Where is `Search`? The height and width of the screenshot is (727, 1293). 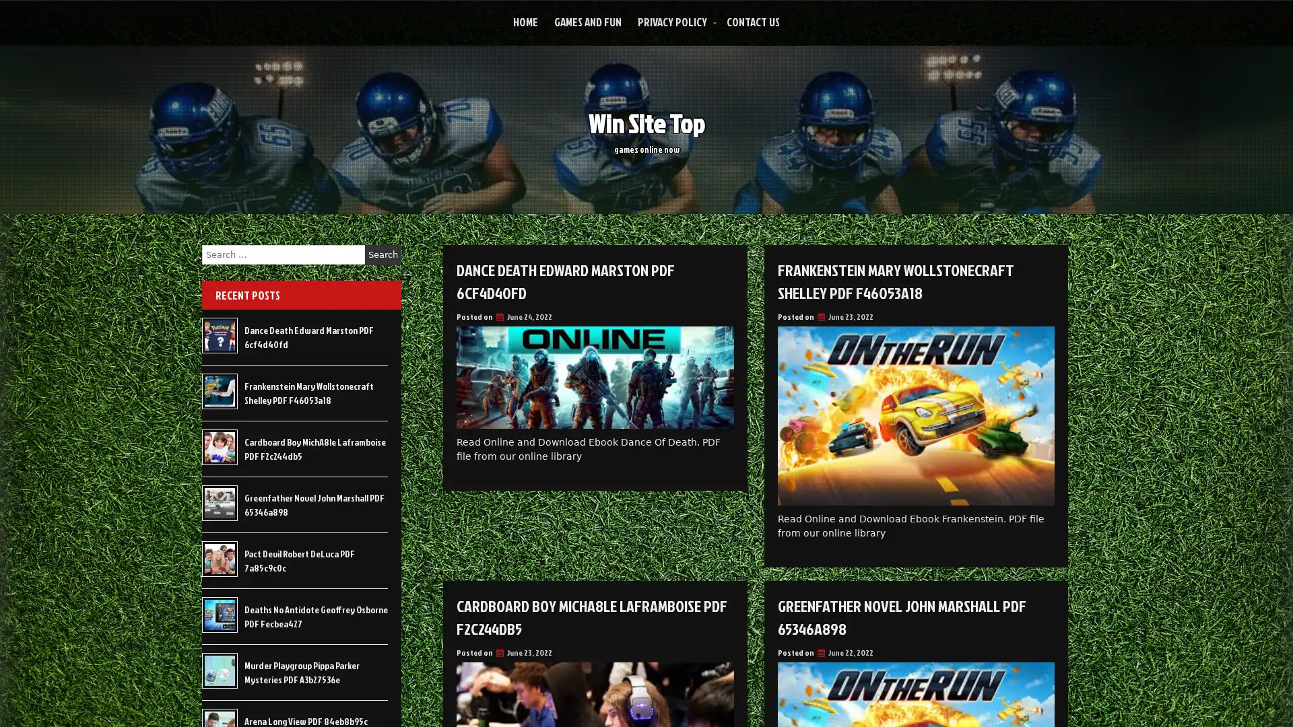
Search is located at coordinates (383, 254).